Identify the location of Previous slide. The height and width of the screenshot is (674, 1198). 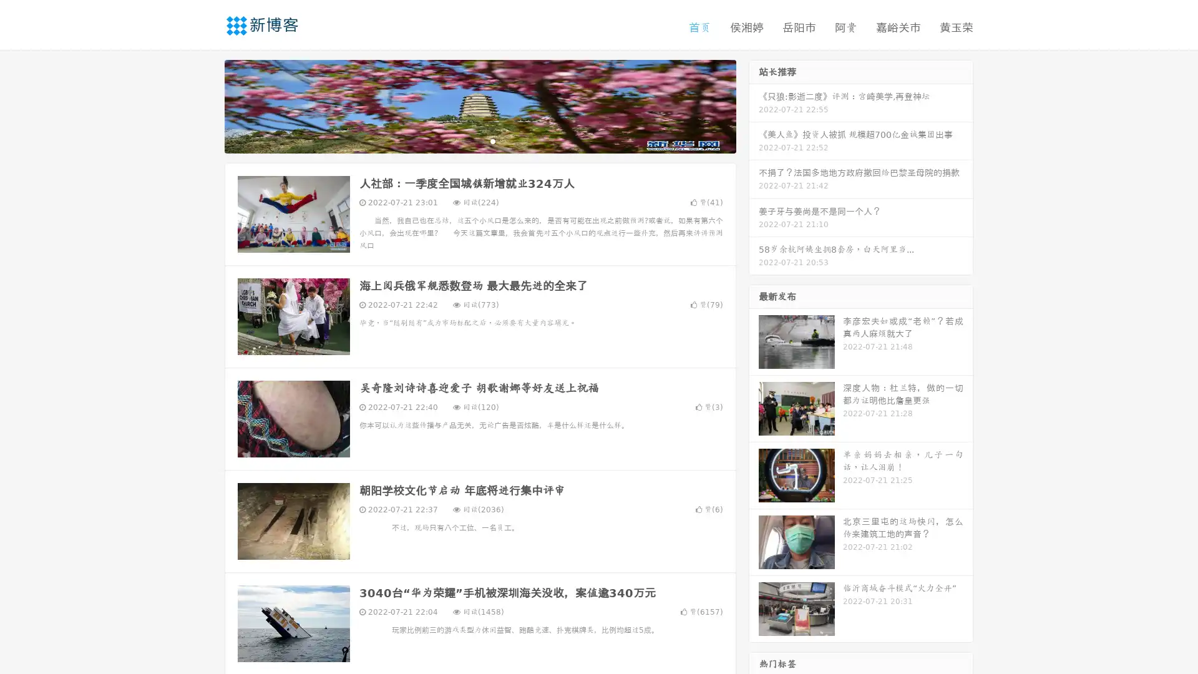
(206, 105).